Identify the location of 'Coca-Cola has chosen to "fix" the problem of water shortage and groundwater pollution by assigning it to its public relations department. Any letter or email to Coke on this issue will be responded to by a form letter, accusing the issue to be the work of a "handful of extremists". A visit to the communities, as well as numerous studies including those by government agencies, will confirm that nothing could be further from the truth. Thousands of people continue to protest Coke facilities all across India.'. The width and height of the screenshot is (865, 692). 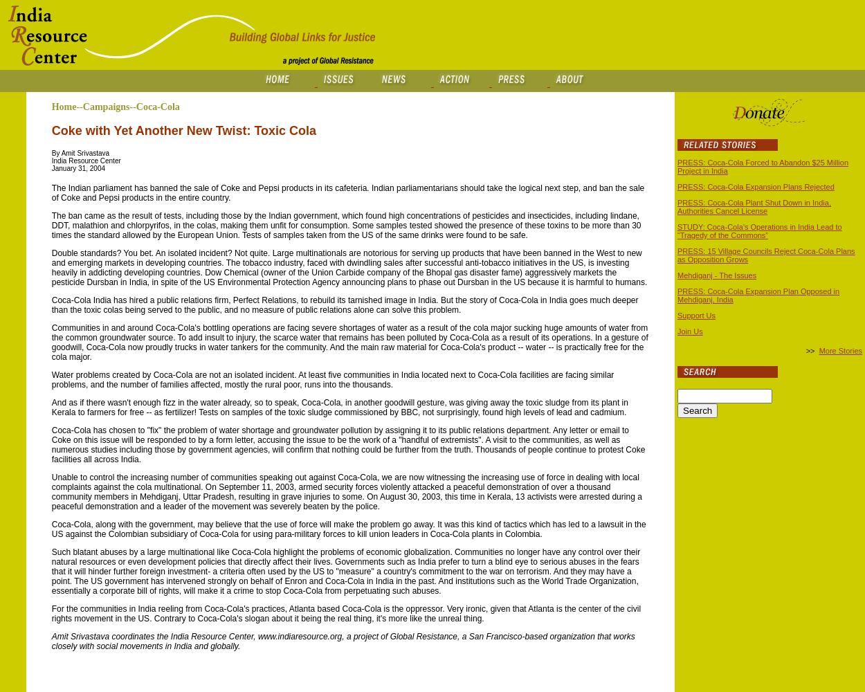
(348, 445).